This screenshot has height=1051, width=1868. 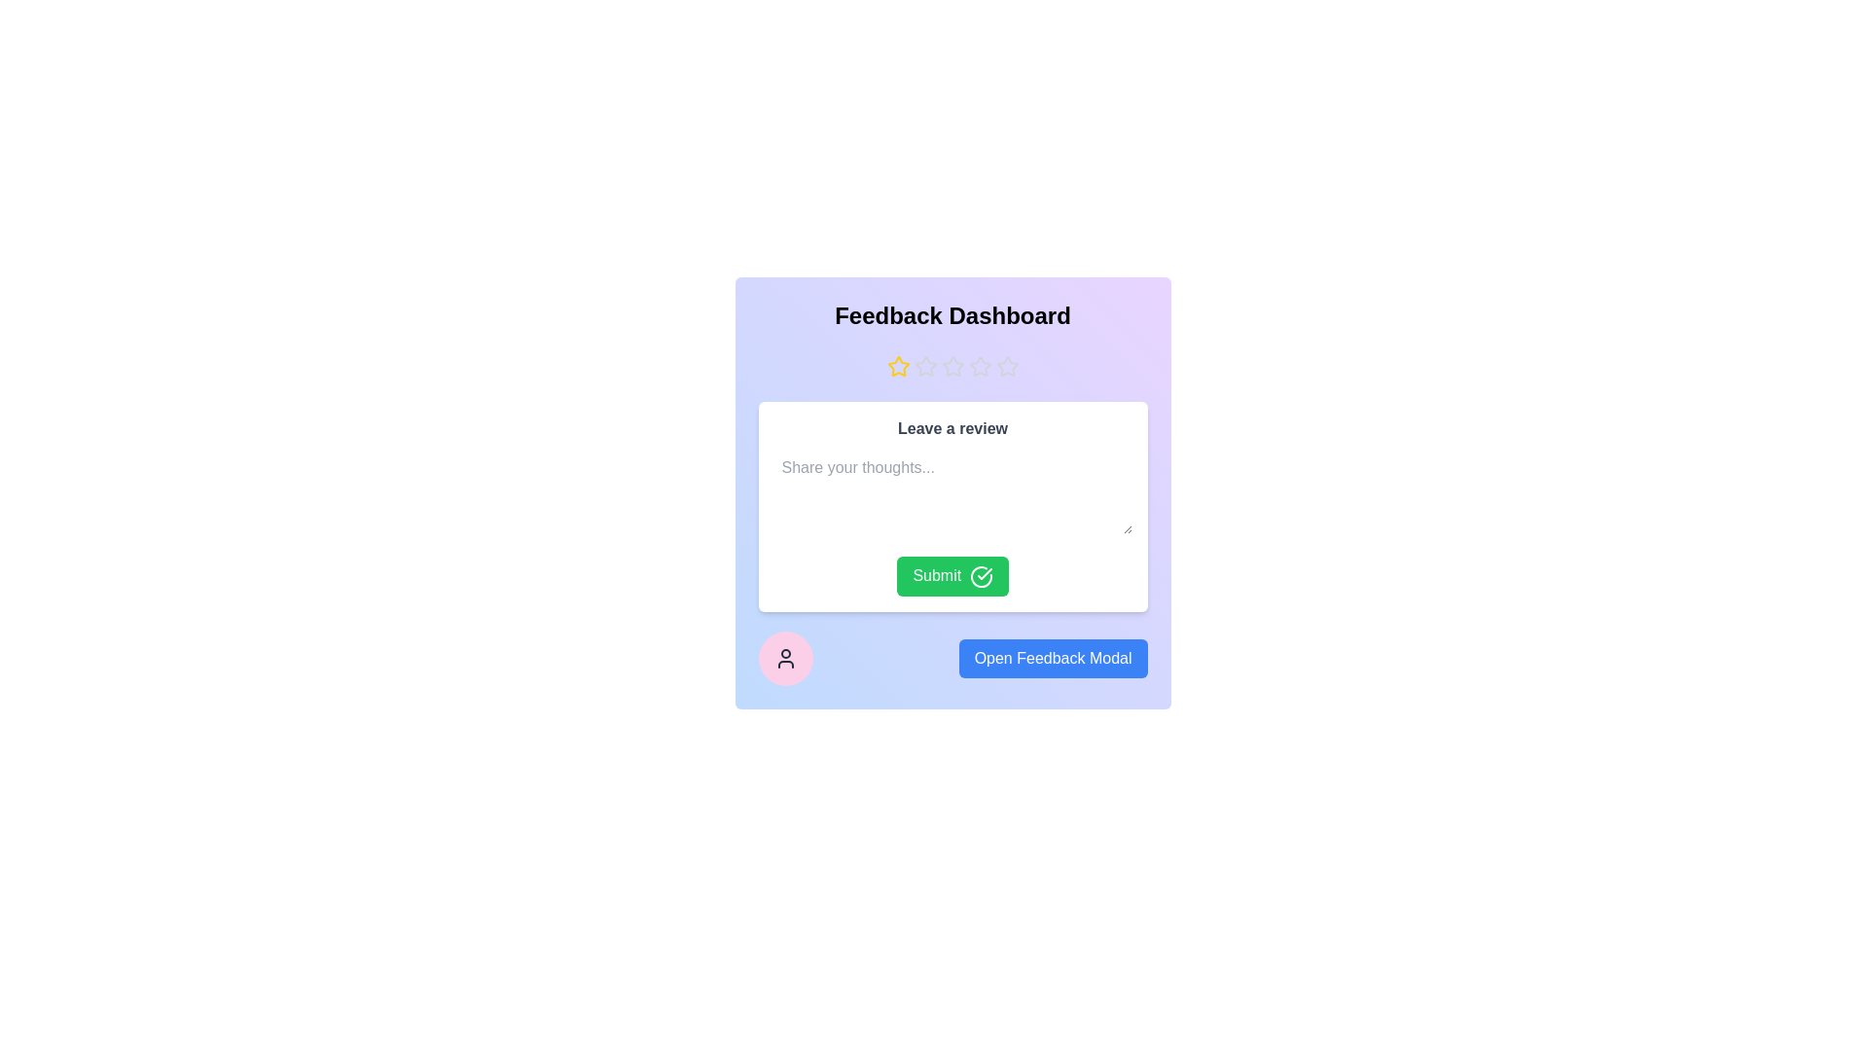 I want to click on the visual representation of the submission icon located within the green 'Submit' button on the feedback dashboard, so click(x=985, y=572).